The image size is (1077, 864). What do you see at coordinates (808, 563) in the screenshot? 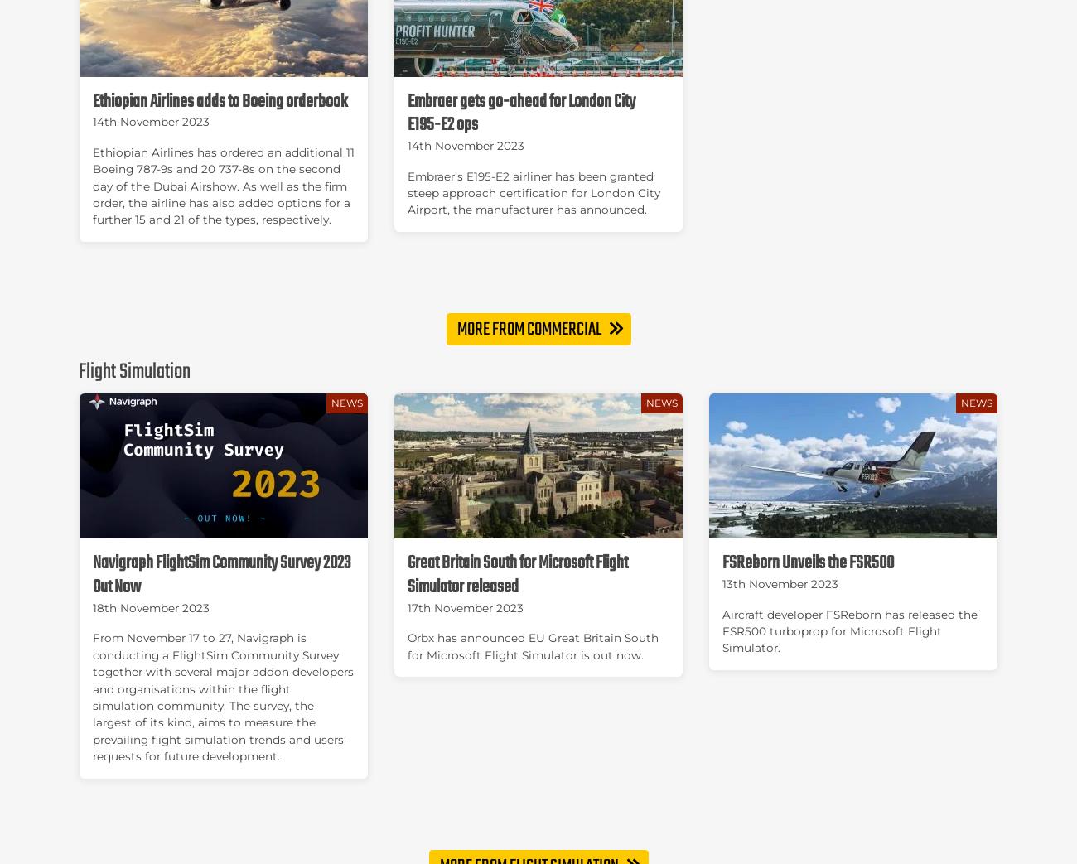
I see `'FSReborn Unveils the FSR500'` at bounding box center [808, 563].